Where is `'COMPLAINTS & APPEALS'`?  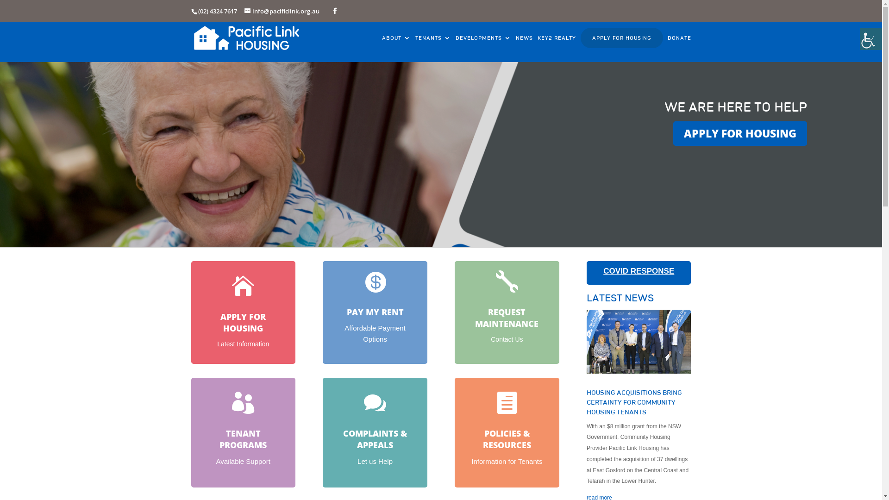 'COMPLAINTS & APPEALS' is located at coordinates (375, 438).